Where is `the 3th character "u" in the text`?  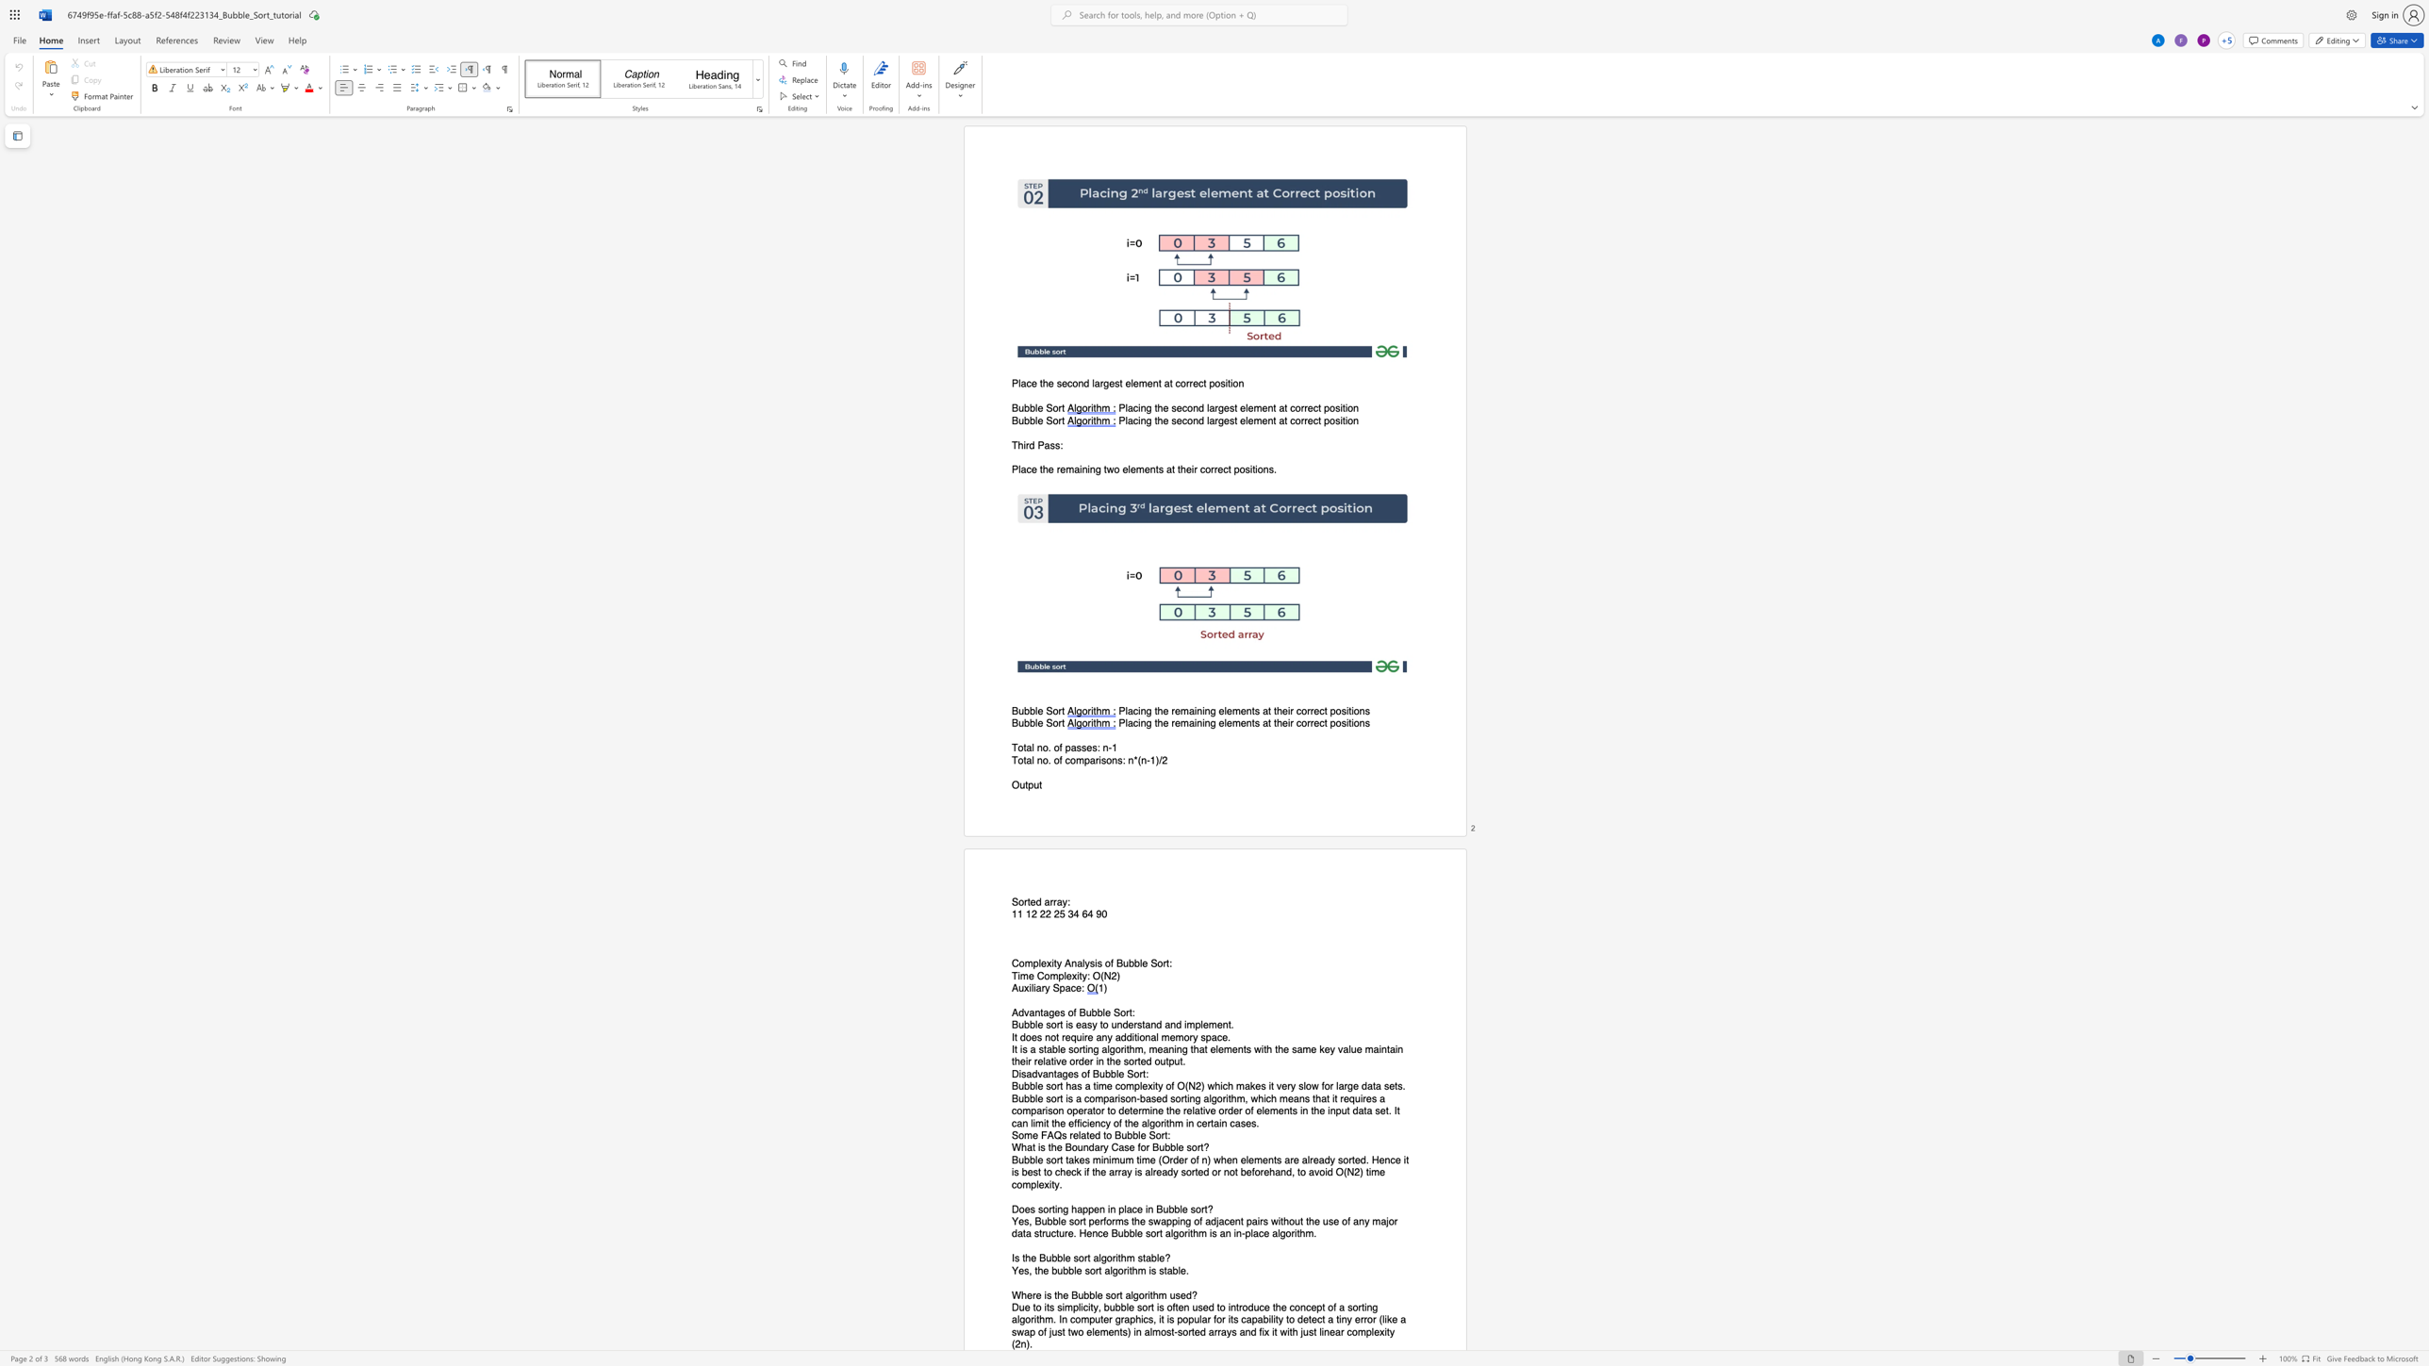 the 3th character "u" in the text is located at coordinates (1195, 1308).